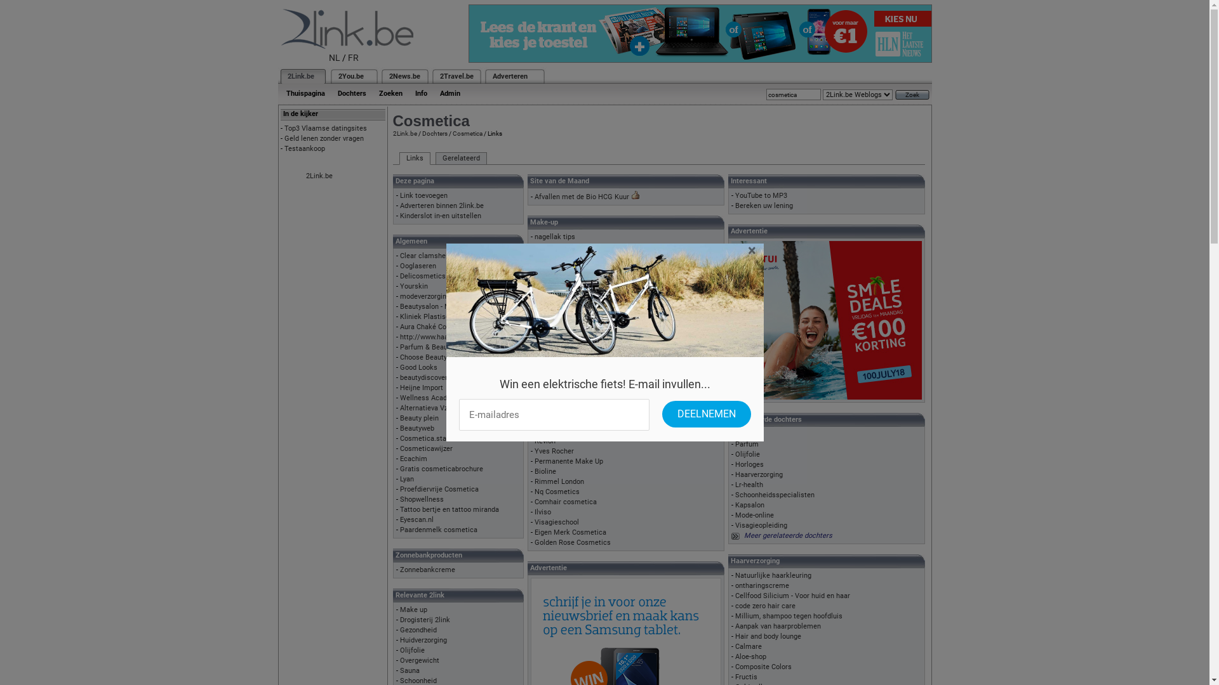 The image size is (1219, 685). Describe the element at coordinates (747, 443) in the screenshot. I see `'Parfum'` at that location.